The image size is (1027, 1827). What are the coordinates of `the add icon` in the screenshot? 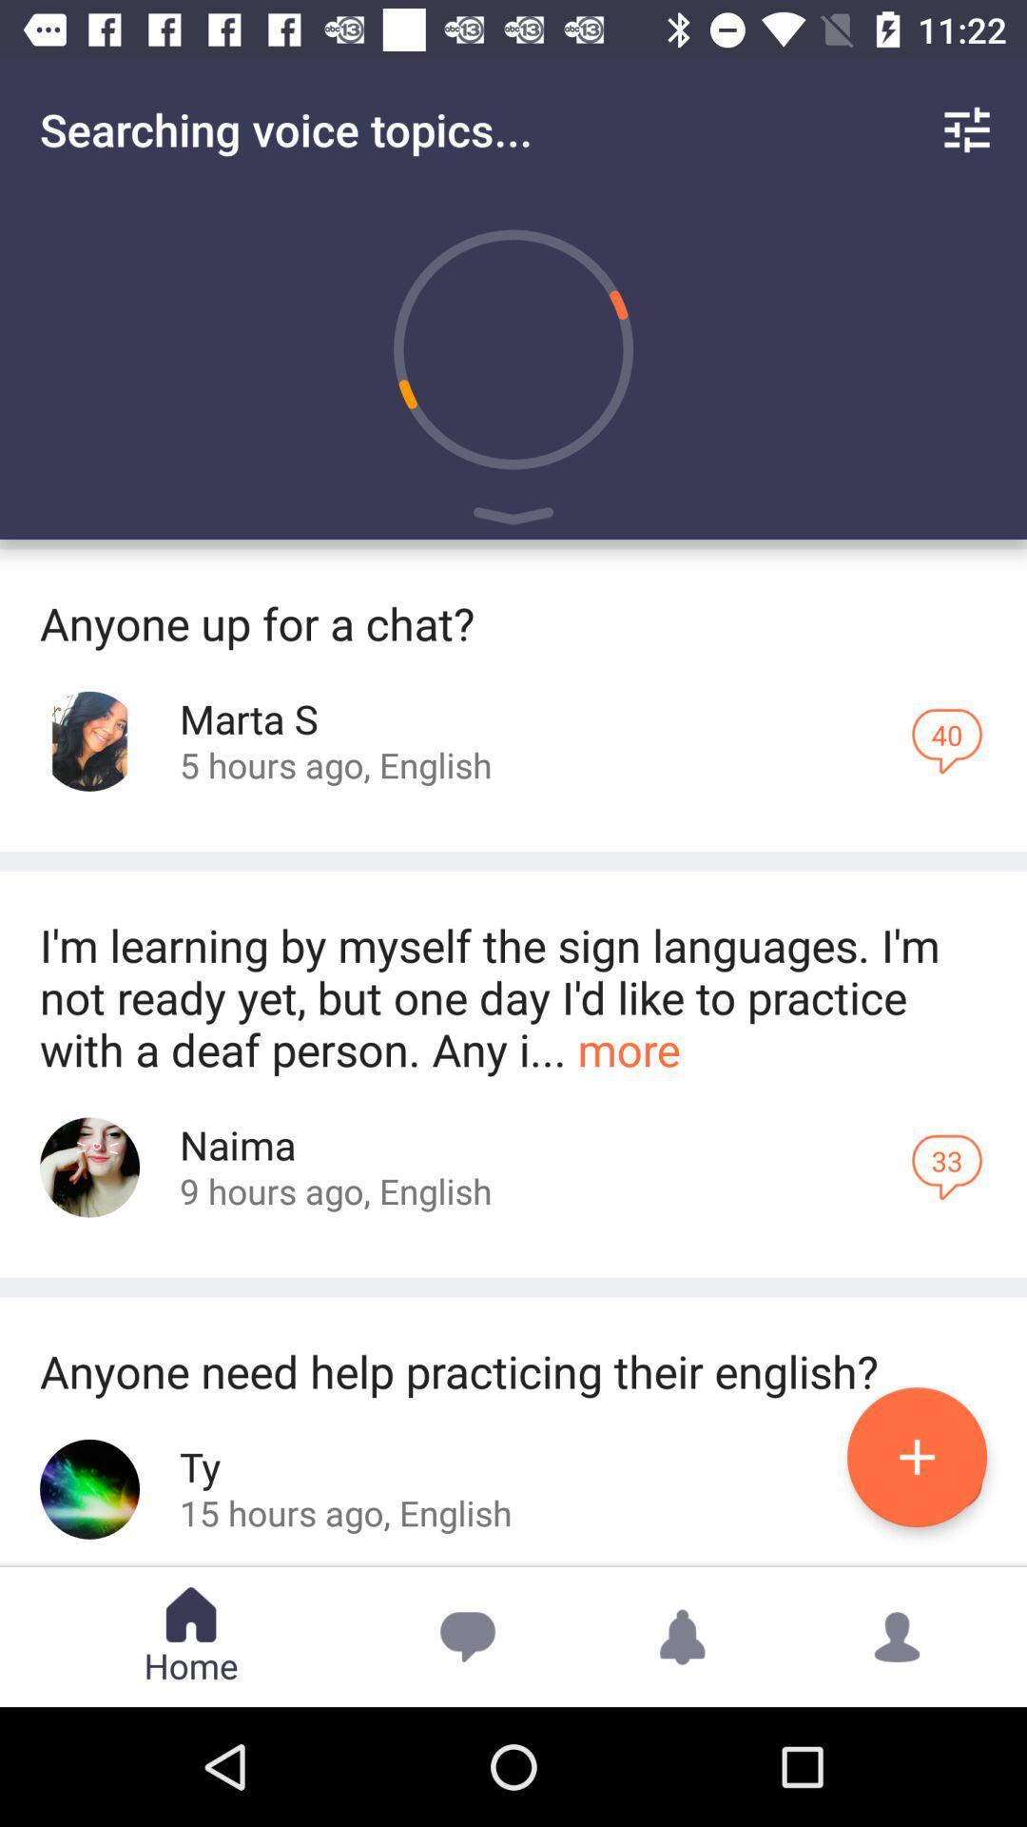 It's located at (916, 1456).